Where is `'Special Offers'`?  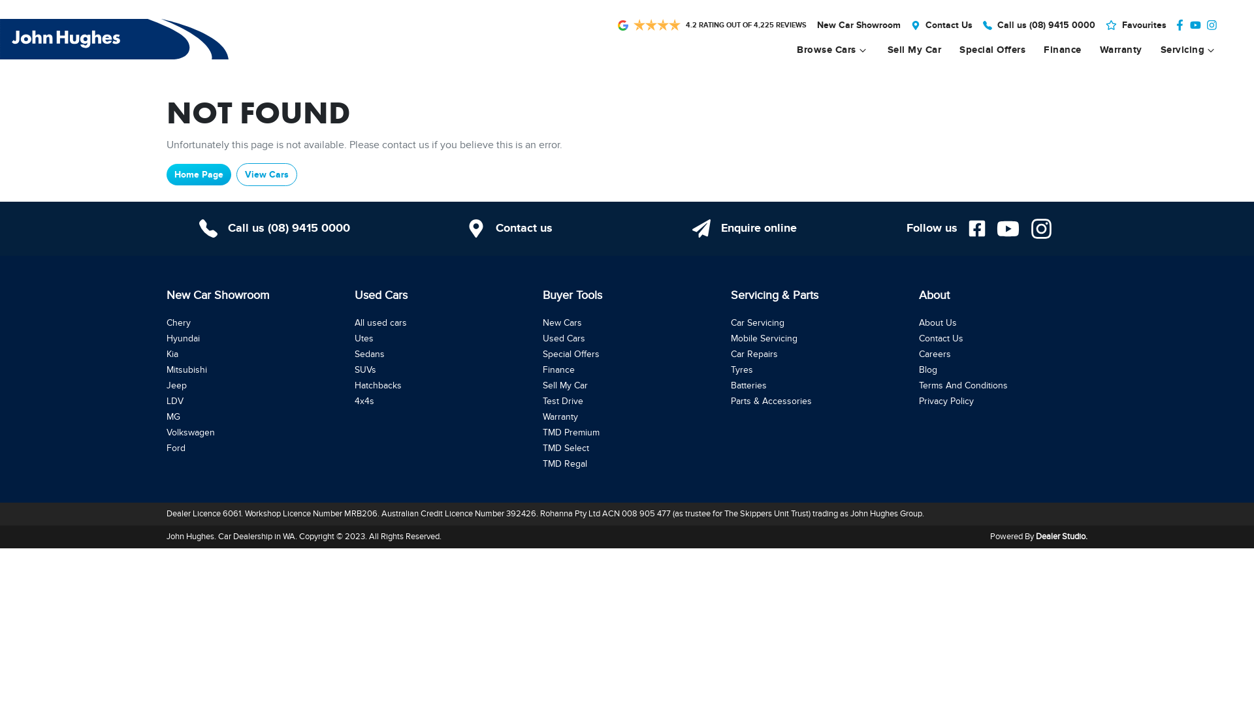
'Special Offers' is located at coordinates (571, 354).